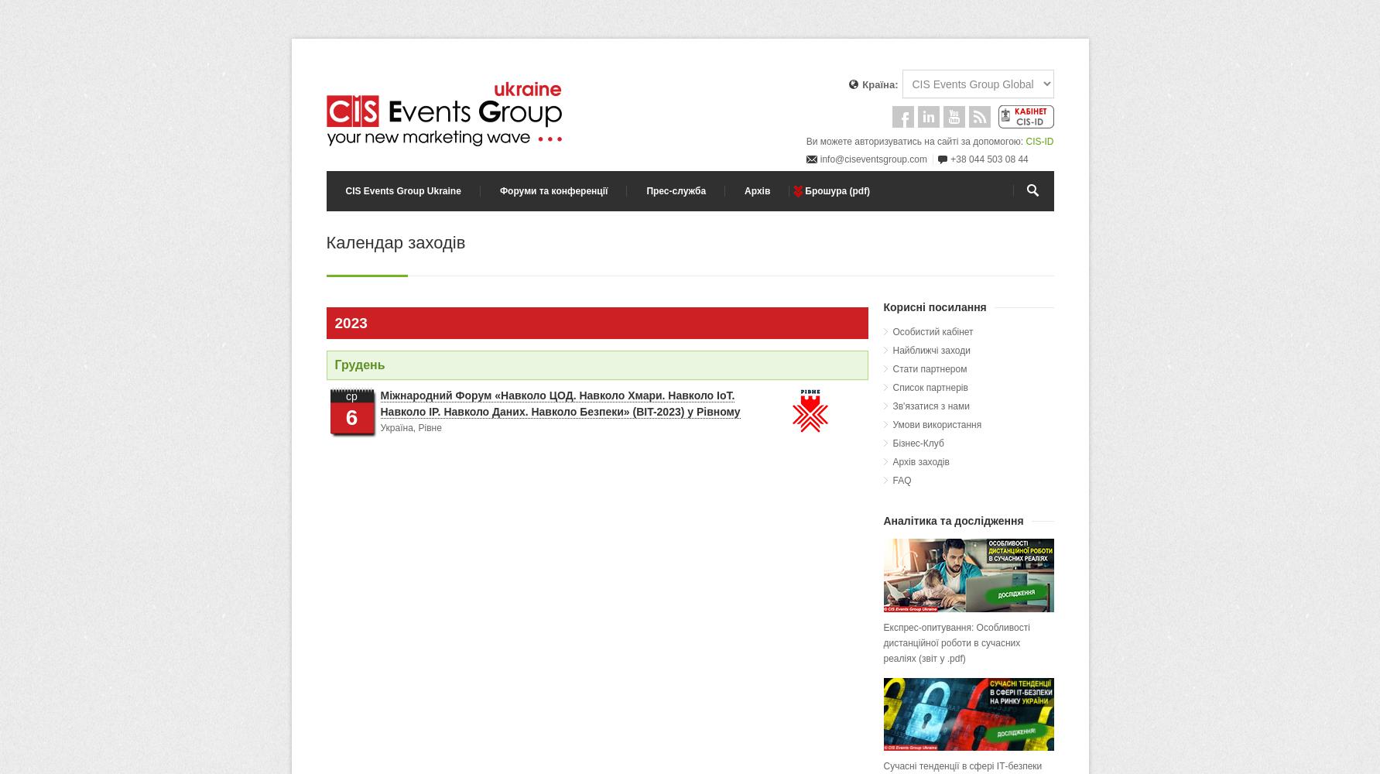 This screenshot has height=774, width=1380. I want to click on 'Міжнародний Форум «Навколо ЦОД. Навколо Хмари. Навколо IoT. Навколо IP. Навколо Даних. Навколо Безпеки» (BIT-2023) у Рівному', so click(559, 403).